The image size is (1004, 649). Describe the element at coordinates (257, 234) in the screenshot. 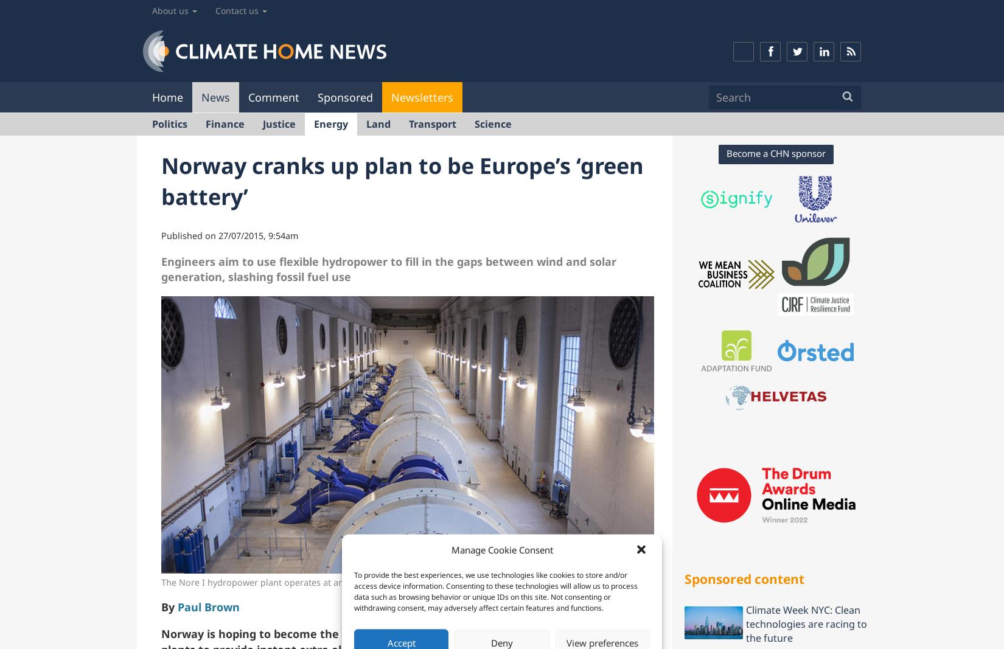

I see `'27/07/2015, 9:54am'` at that location.